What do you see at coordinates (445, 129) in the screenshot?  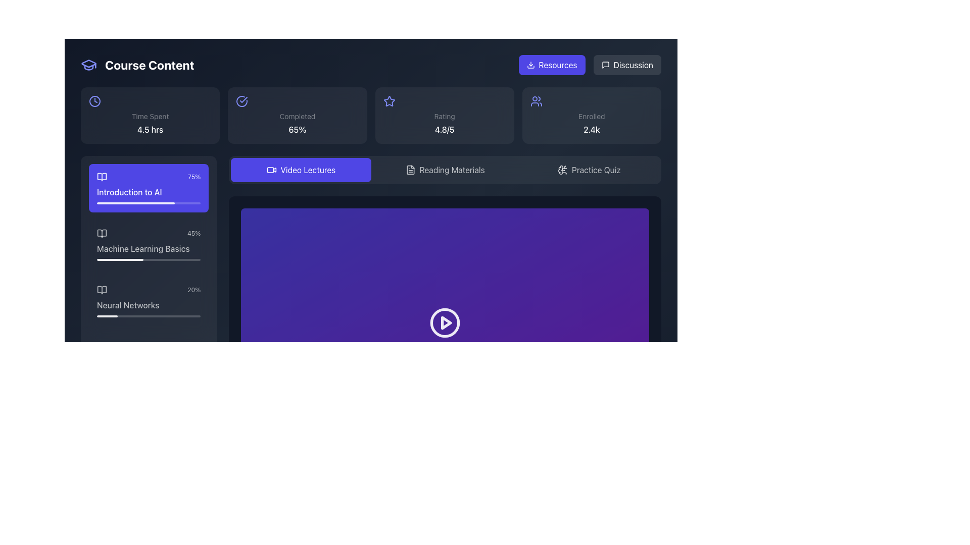 I see `the static textual label displaying the rating value, located in the 'Rating' box at the top center of the interface` at bounding box center [445, 129].